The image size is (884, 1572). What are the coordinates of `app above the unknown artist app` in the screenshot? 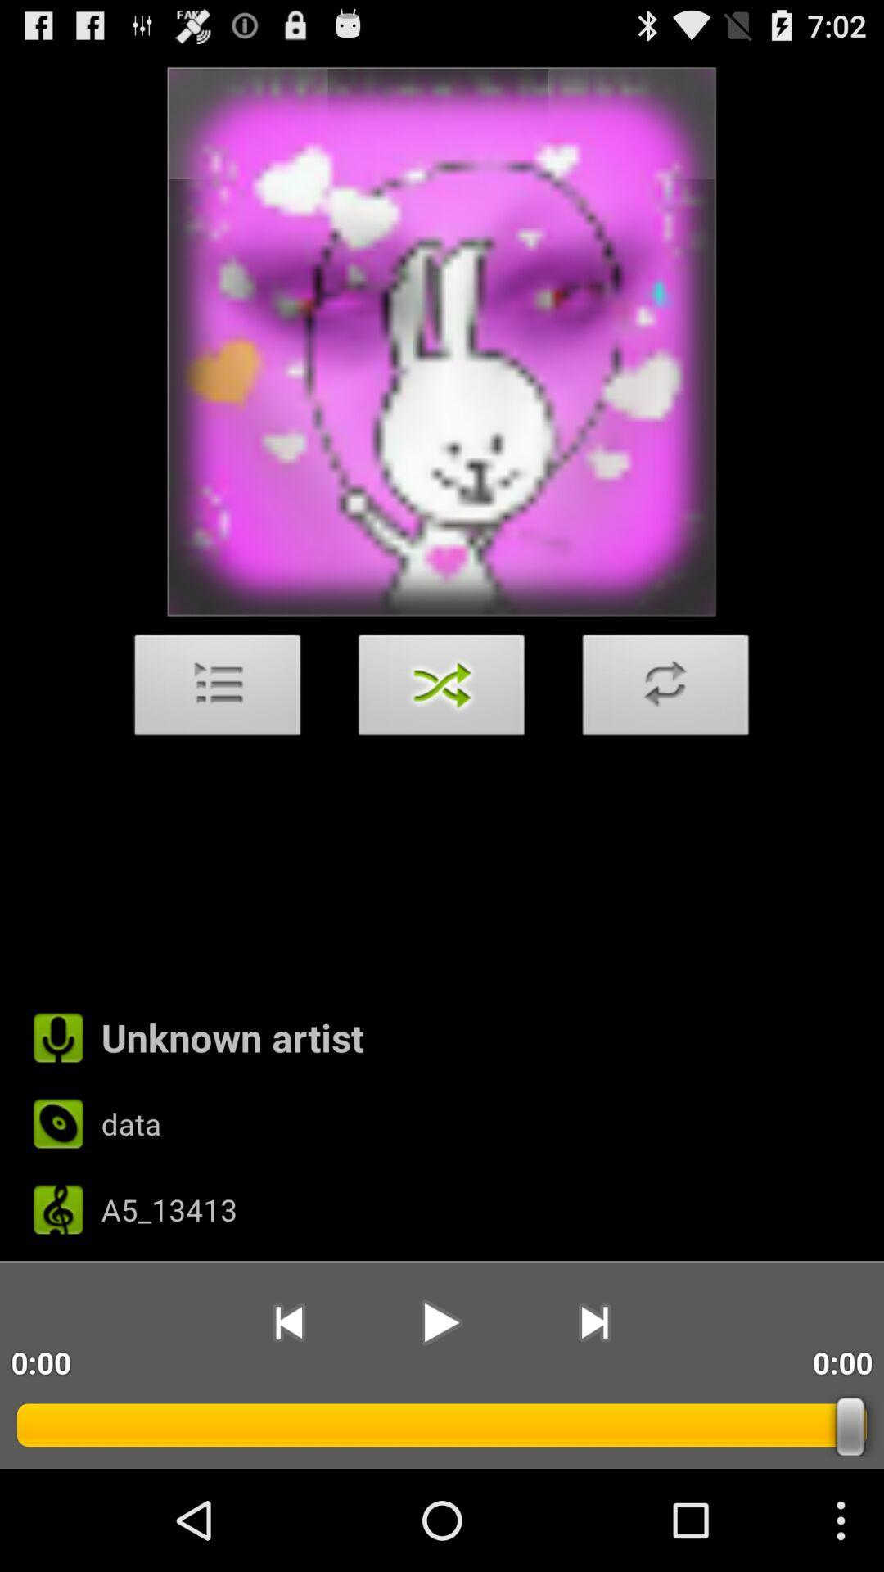 It's located at (665, 689).